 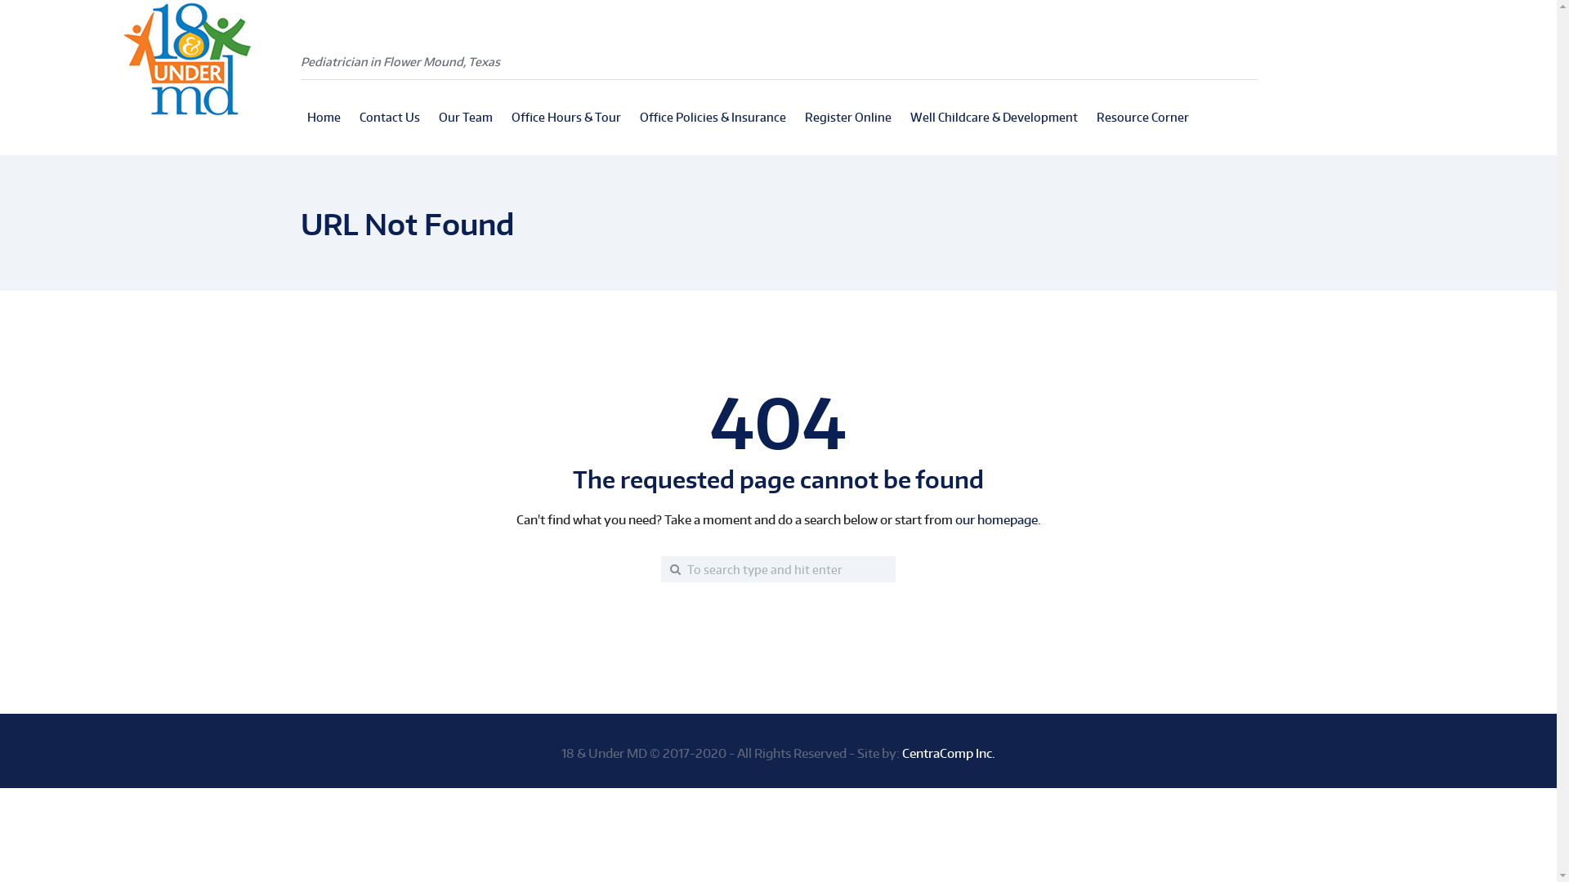 I want to click on 'Pediatrician in Flower Mound, Texas', so click(x=301, y=48).